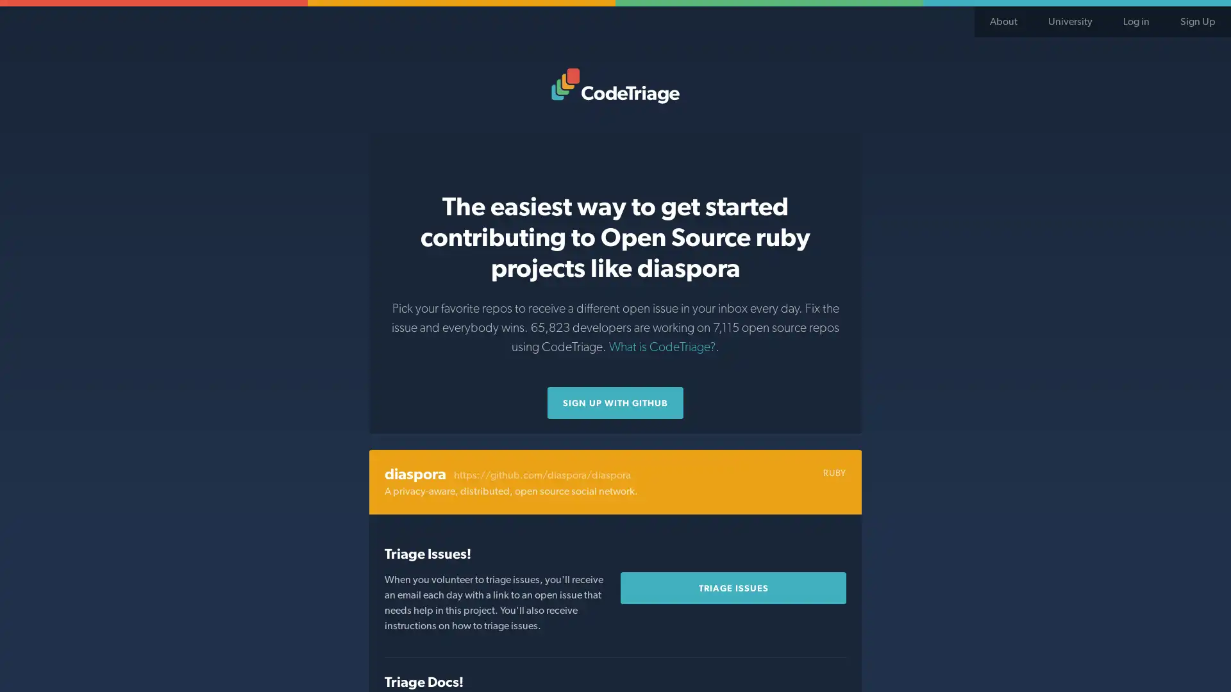  What do you see at coordinates (733, 588) in the screenshot?
I see `Triage Issues` at bounding box center [733, 588].